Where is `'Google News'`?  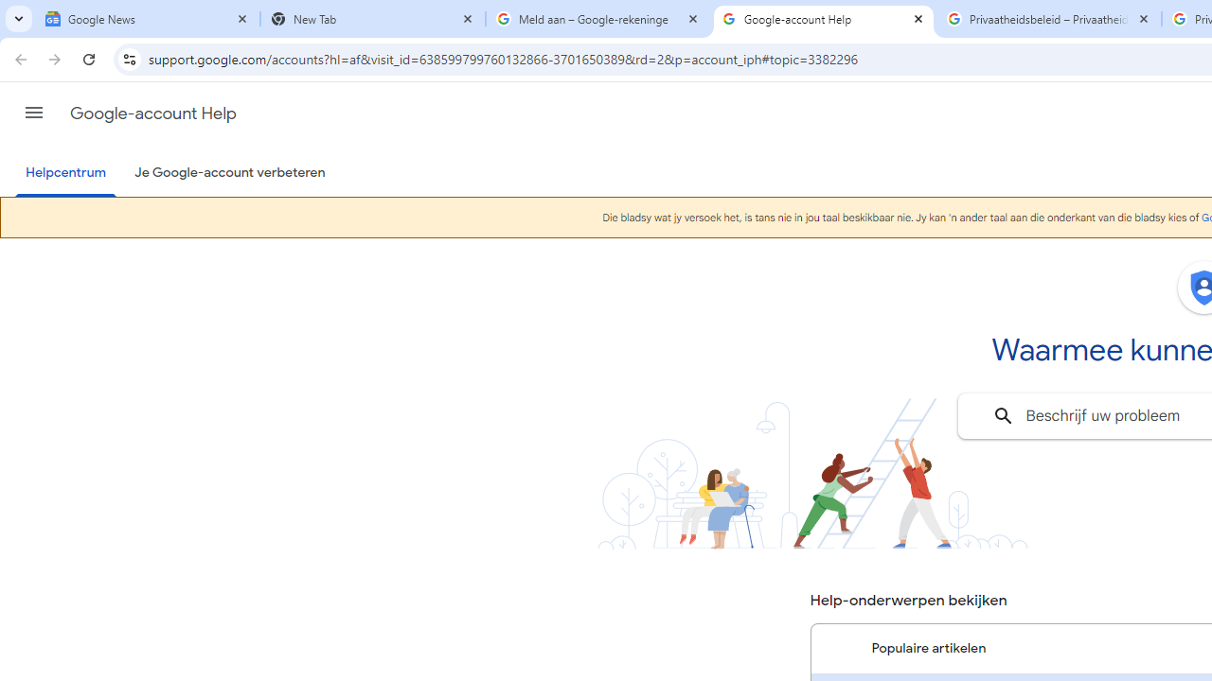 'Google News' is located at coordinates (147, 19).